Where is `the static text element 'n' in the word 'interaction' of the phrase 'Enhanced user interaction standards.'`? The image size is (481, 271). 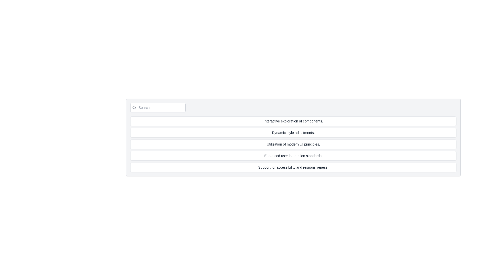
the static text element 'n' in the word 'interaction' of the phrase 'Enhanced user interaction standards.' is located at coordinates (304, 156).